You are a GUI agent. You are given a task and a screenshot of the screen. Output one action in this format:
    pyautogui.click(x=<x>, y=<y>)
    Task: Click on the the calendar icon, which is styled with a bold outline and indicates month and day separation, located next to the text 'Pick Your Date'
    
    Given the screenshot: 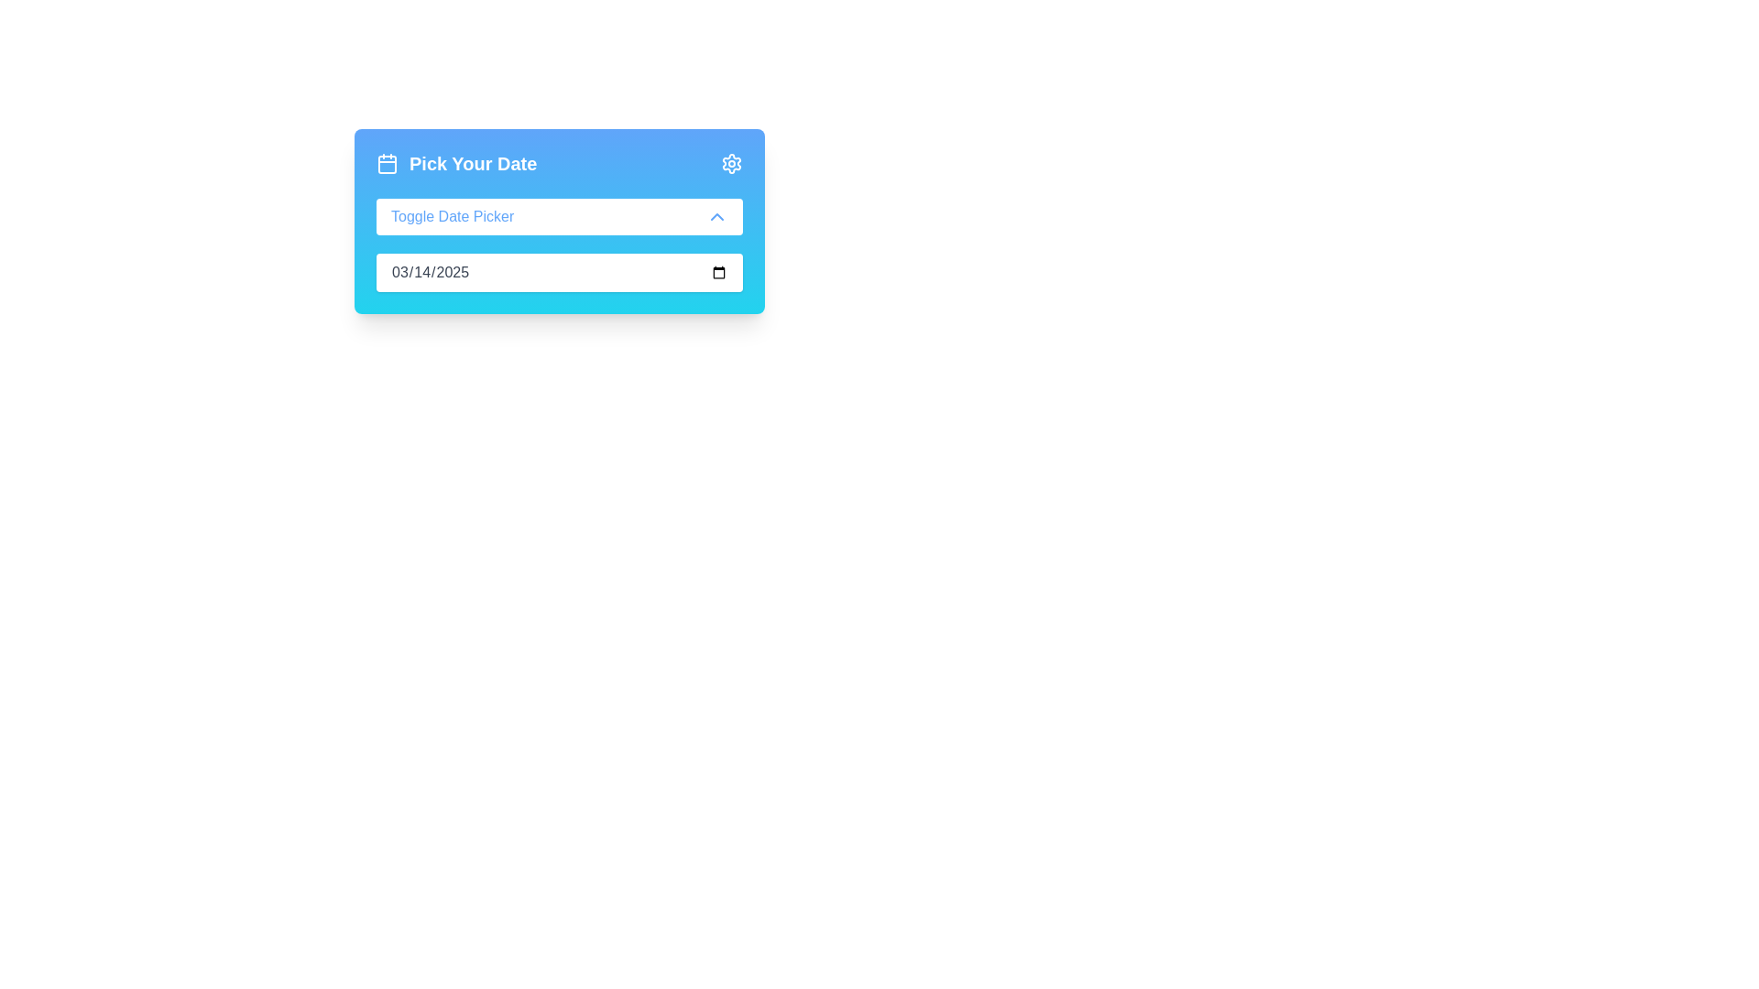 What is the action you would take?
    pyautogui.click(x=386, y=162)
    